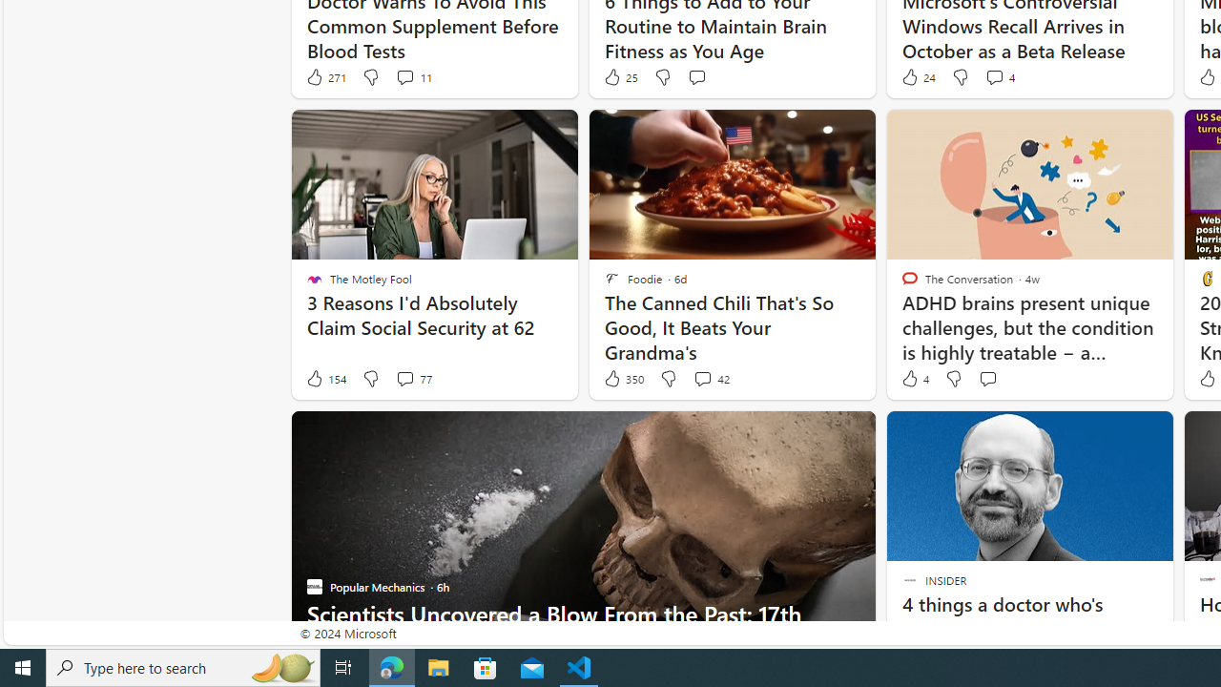  I want to click on 'View comments 77 Comment', so click(412, 379).